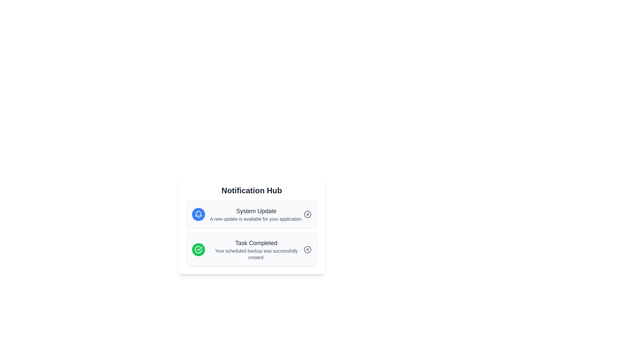 This screenshot has height=352, width=627. Describe the element at coordinates (256, 243) in the screenshot. I see `the text label serving as the title of the notification message, which is centrally located in the lower card below the 'System Update' title and above the descriptive text 'Your scheduled backup was successfully created'` at that location.